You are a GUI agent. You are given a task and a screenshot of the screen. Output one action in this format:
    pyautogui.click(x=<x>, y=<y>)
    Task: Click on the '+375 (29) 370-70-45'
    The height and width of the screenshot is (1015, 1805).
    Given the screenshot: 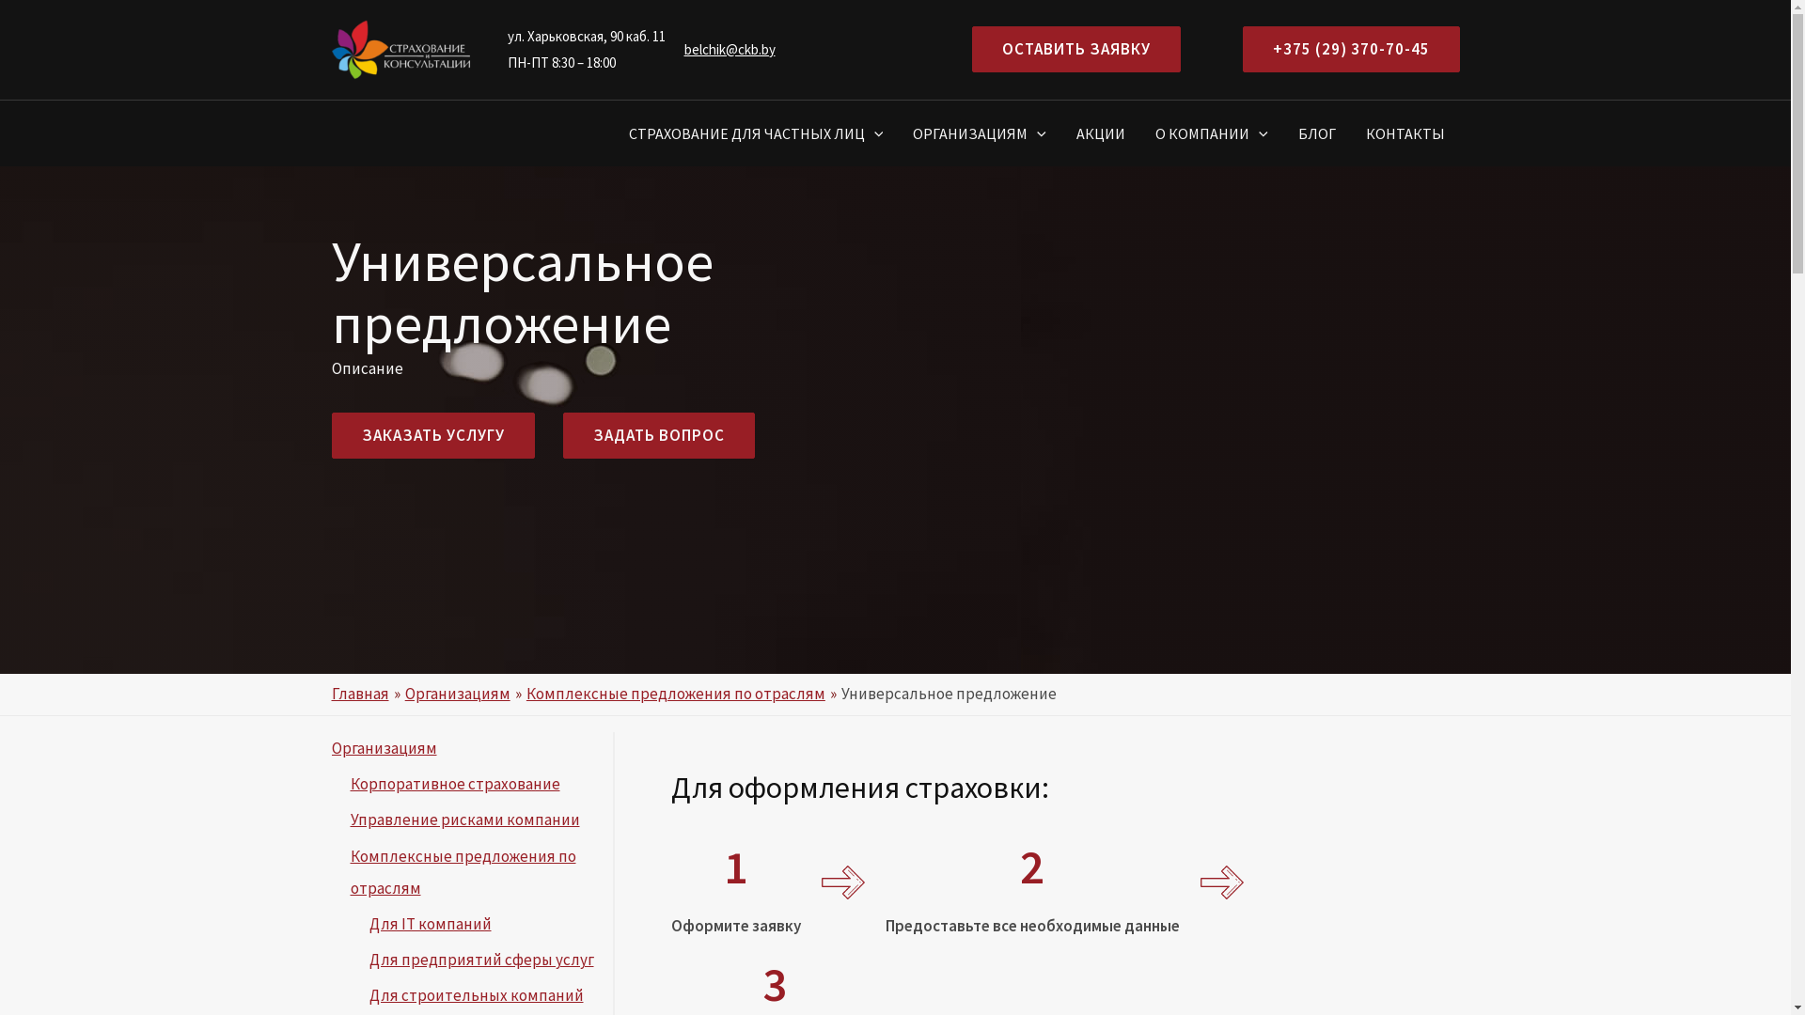 What is the action you would take?
    pyautogui.click(x=1350, y=48)
    